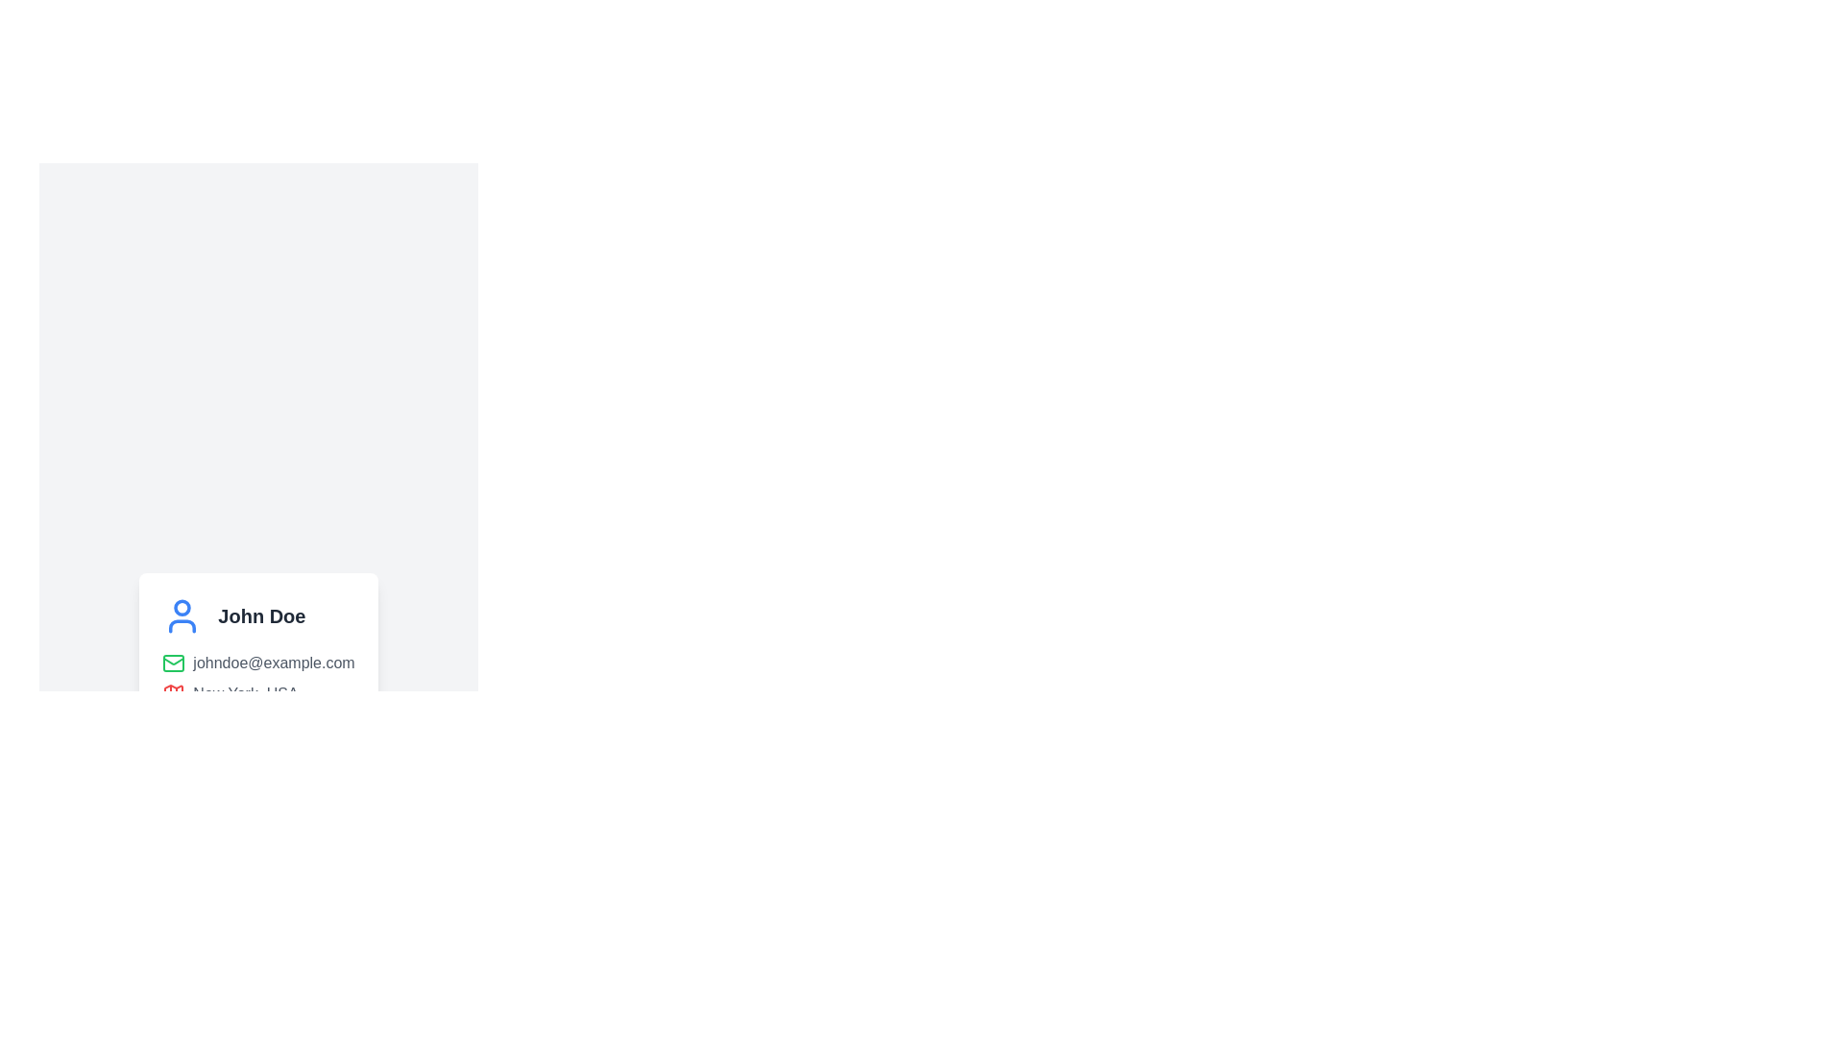 The width and height of the screenshot is (1844, 1037). I want to click on the text label displaying 'New York, USA' located in the user information section of the UI card layout, so click(244, 693).